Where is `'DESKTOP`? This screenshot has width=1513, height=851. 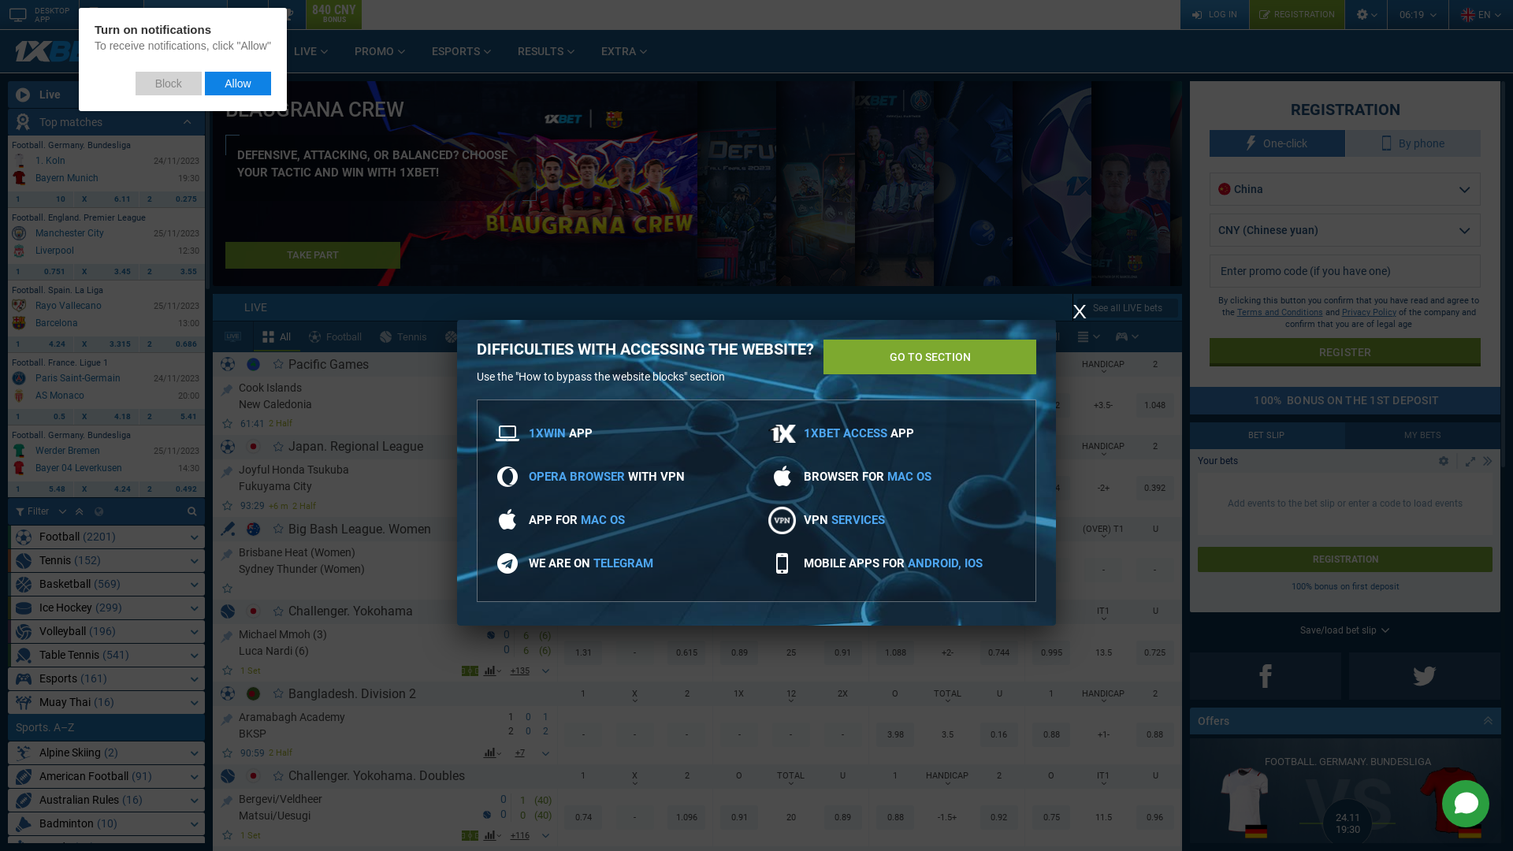
'DESKTOP is located at coordinates (39, 14).